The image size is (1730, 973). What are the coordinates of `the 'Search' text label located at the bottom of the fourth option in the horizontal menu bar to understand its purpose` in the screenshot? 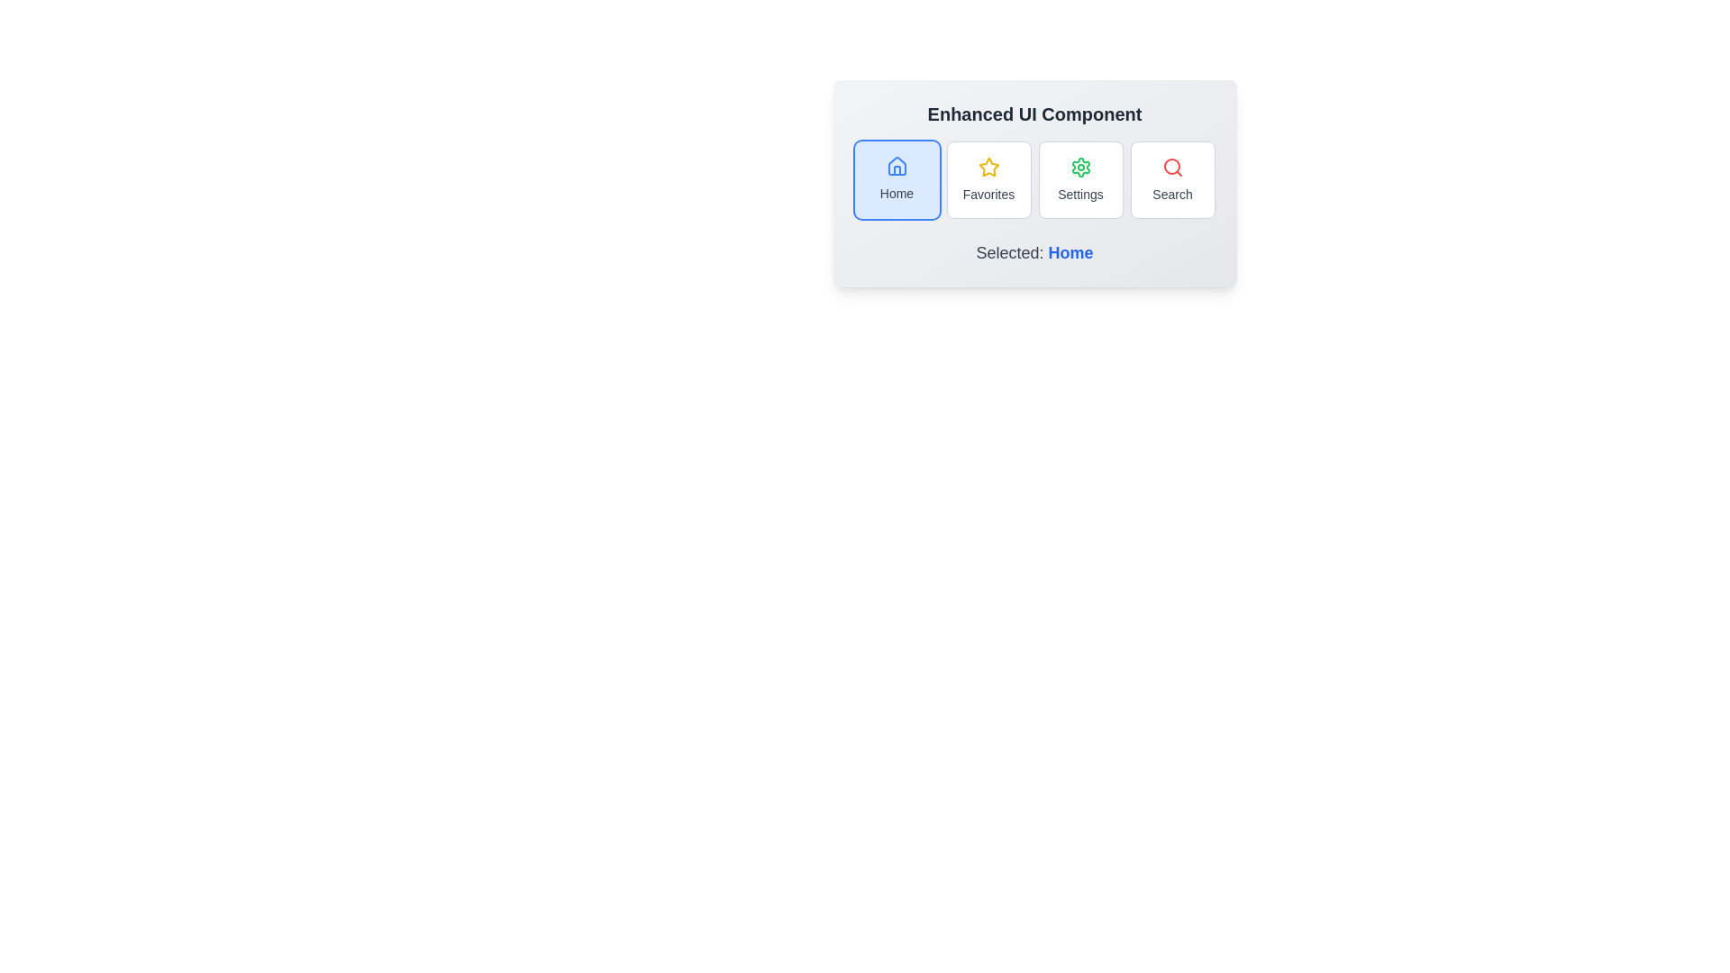 It's located at (1172, 195).